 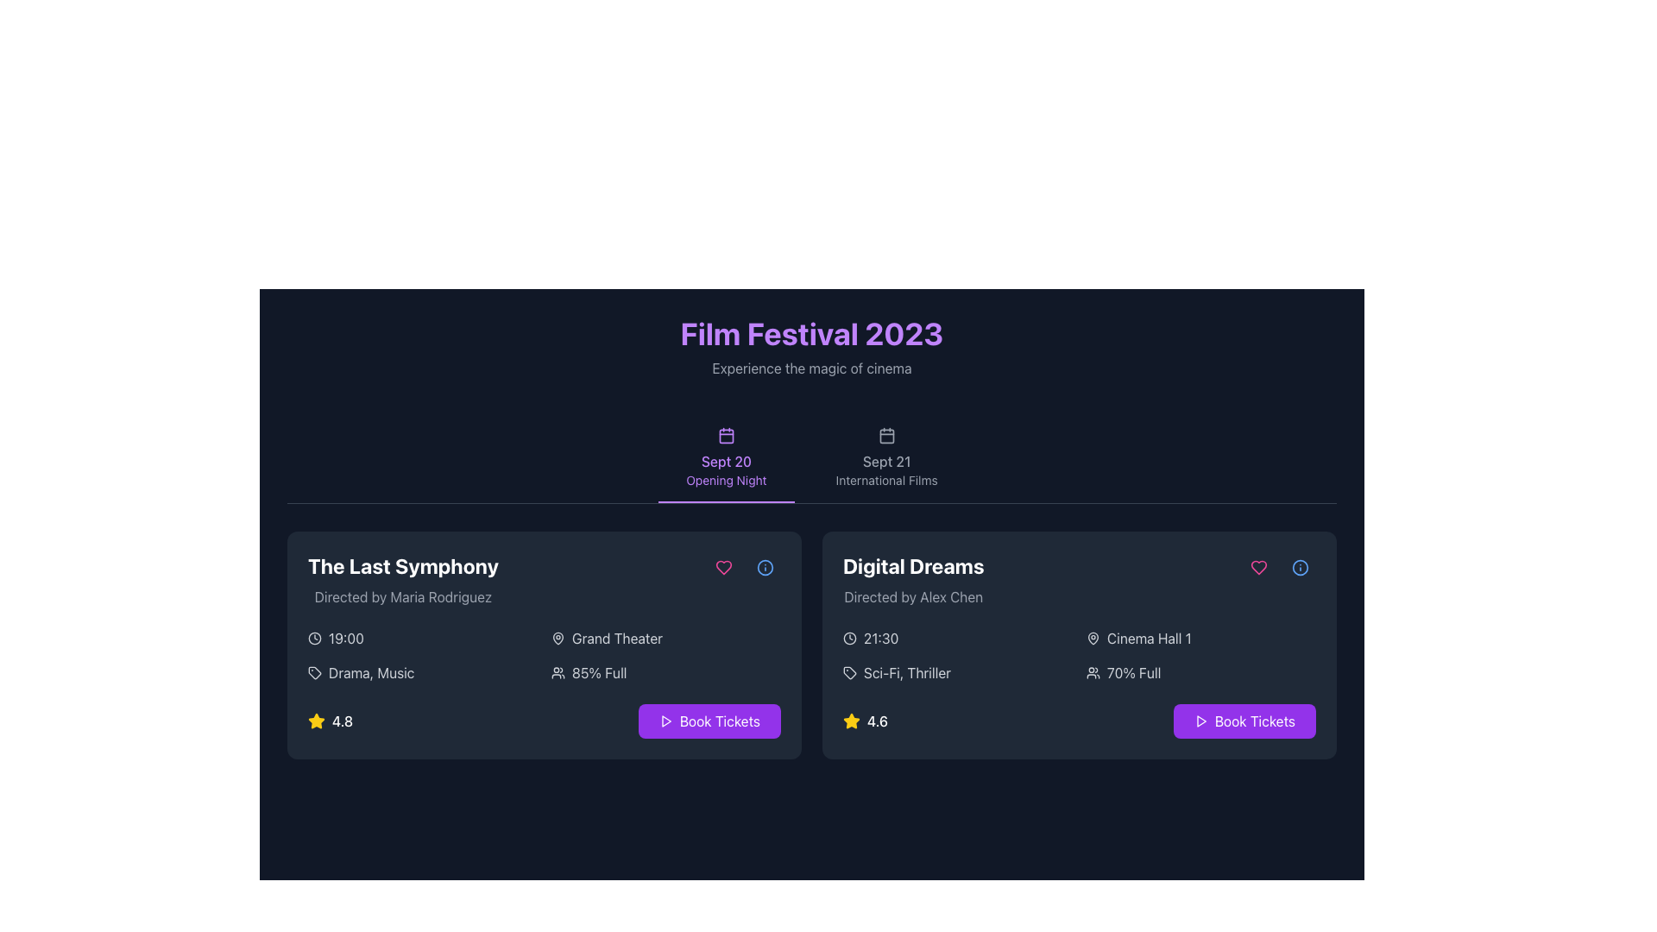 What do you see at coordinates (1093, 671) in the screenshot?
I see `the occupancy icon located to the left of the '70% Full' text in the bottom right section of the 'Digital Dreams' film card` at bounding box center [1093, 671].